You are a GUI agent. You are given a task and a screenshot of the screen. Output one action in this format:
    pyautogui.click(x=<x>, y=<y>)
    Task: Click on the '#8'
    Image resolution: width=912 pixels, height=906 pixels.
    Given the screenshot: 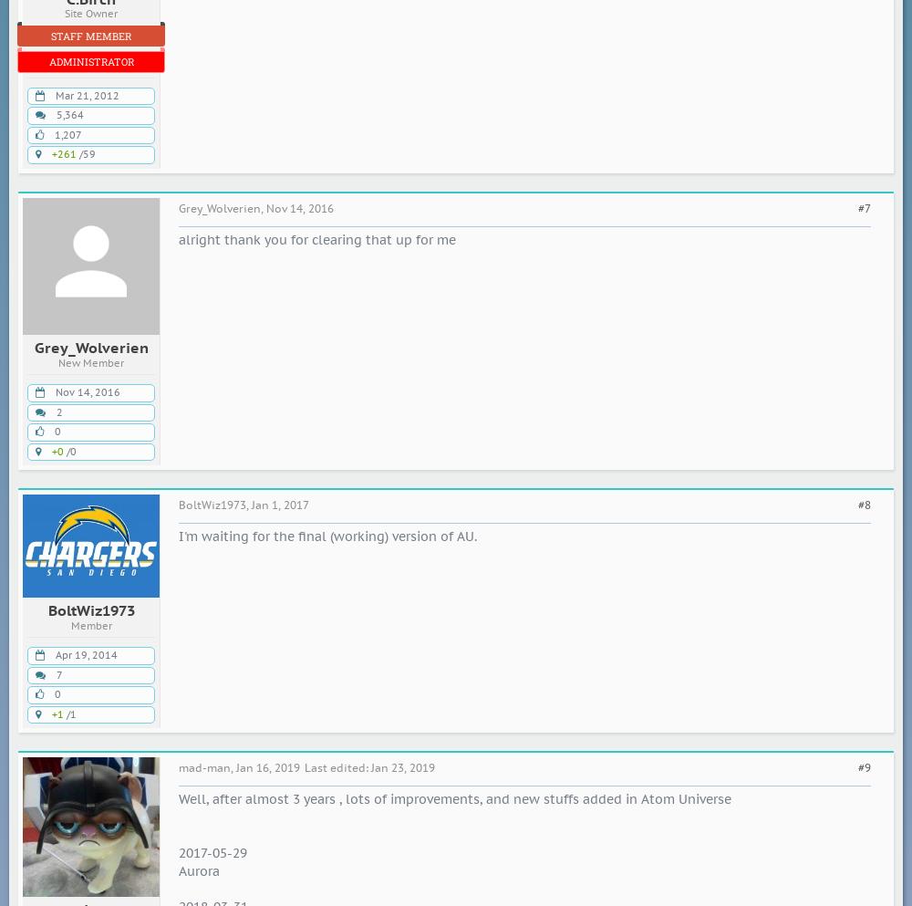 What is the action you would take?
    pyautogui.click(x=864, y=504)
    